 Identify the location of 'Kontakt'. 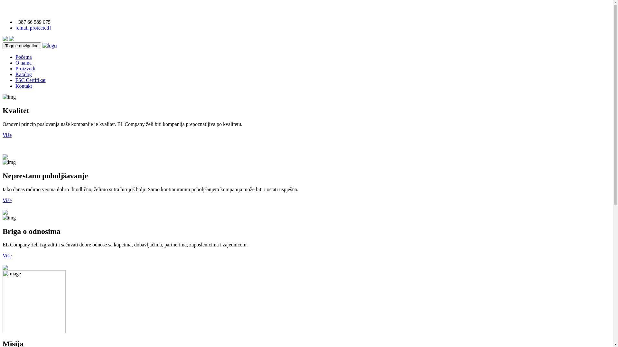
(23, 85).